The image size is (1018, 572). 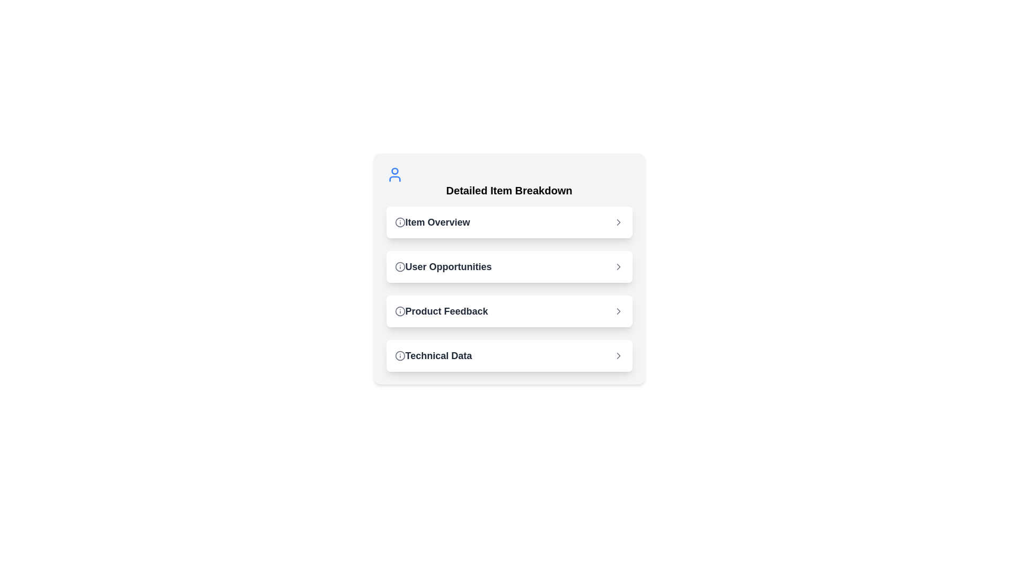 I want to click on the Navigation Icon located in the third row of the 'Product Feedback' list, so click(x=618, y=310).